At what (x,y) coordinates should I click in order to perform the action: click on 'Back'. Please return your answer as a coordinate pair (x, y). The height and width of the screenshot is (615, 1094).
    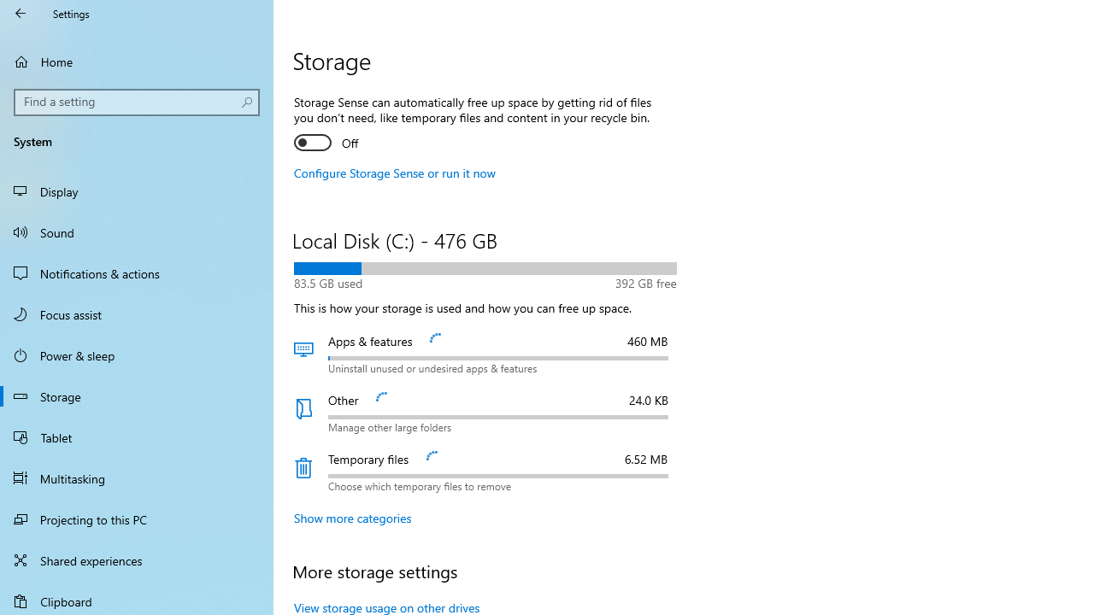
    Looking at the image, I should click on (21, 13).